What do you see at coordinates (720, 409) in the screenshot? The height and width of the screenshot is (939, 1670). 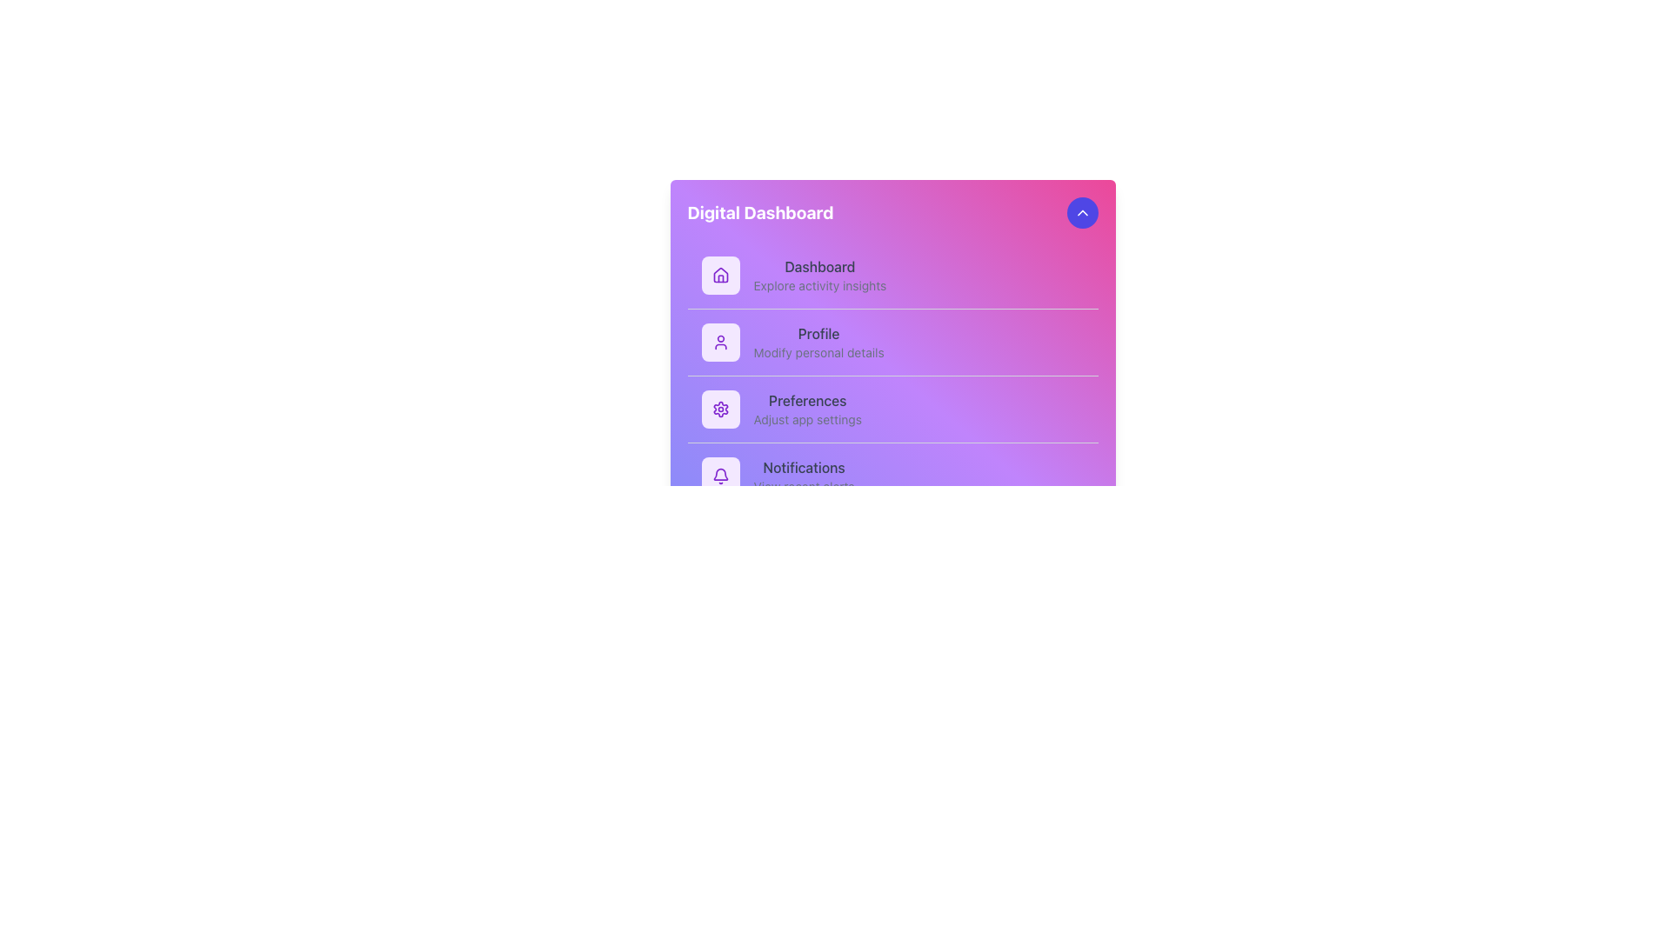 I see `the decorative icon representing 'Preferences' or 'Settings', located to the left of the text 'Preferences Adjust app settings' in the leftmost section of the 'Preferences' menu option` at bounding box center [720, 409].